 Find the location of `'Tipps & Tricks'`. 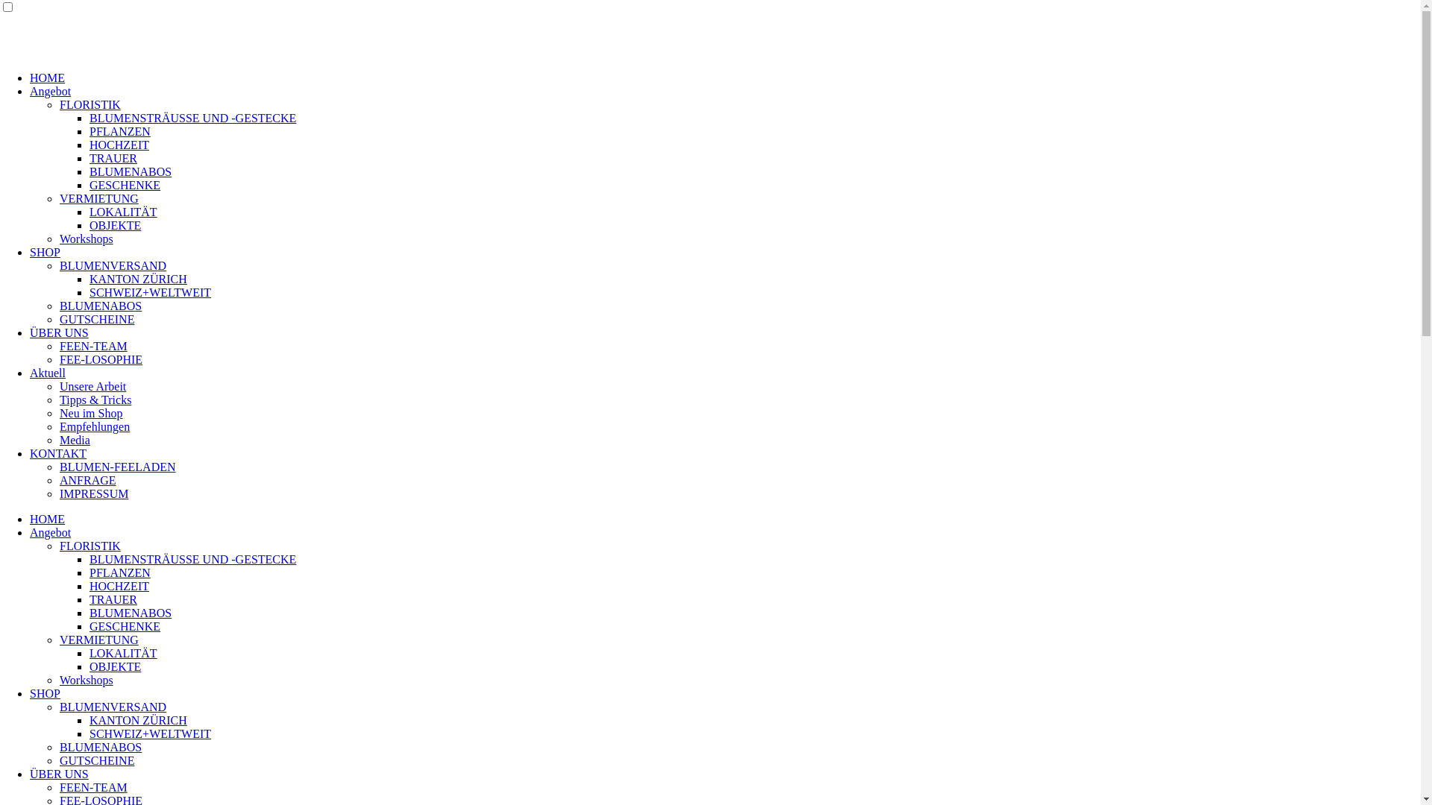

'Tipps & Tricks' is located at coordinates (95, 399).